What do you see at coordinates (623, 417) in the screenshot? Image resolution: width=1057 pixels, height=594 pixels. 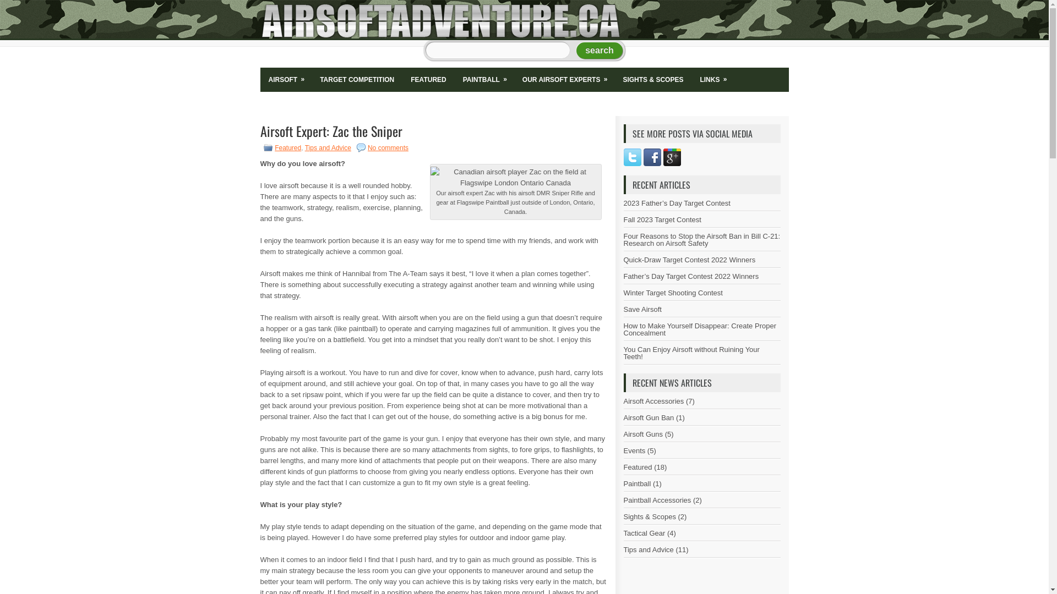 I see `'Airsoft Gun Ban'` at bounding box center [623, 417].